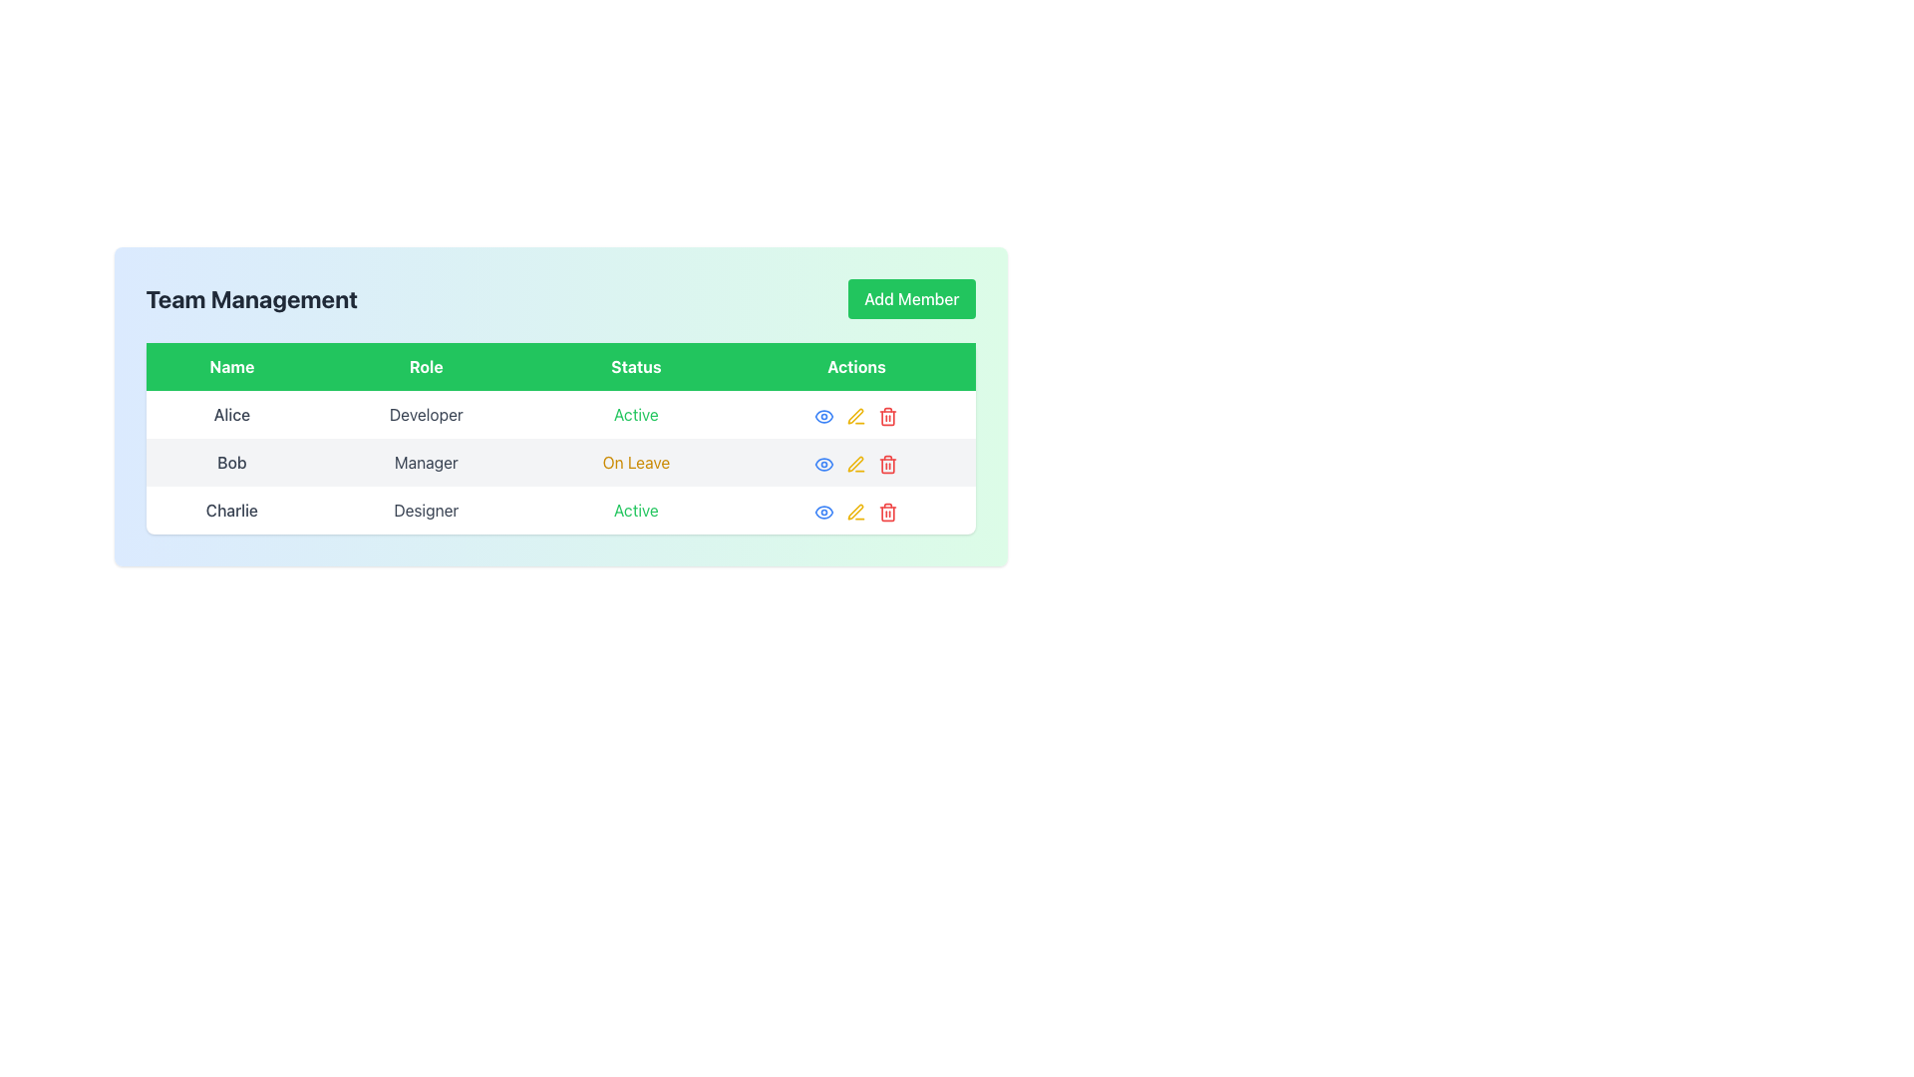 This screenshot has width=1914, height=1077. I want to click on the Text label displaying 'Alice', which indicates the identity of a team member in the table, so click(231, 414).